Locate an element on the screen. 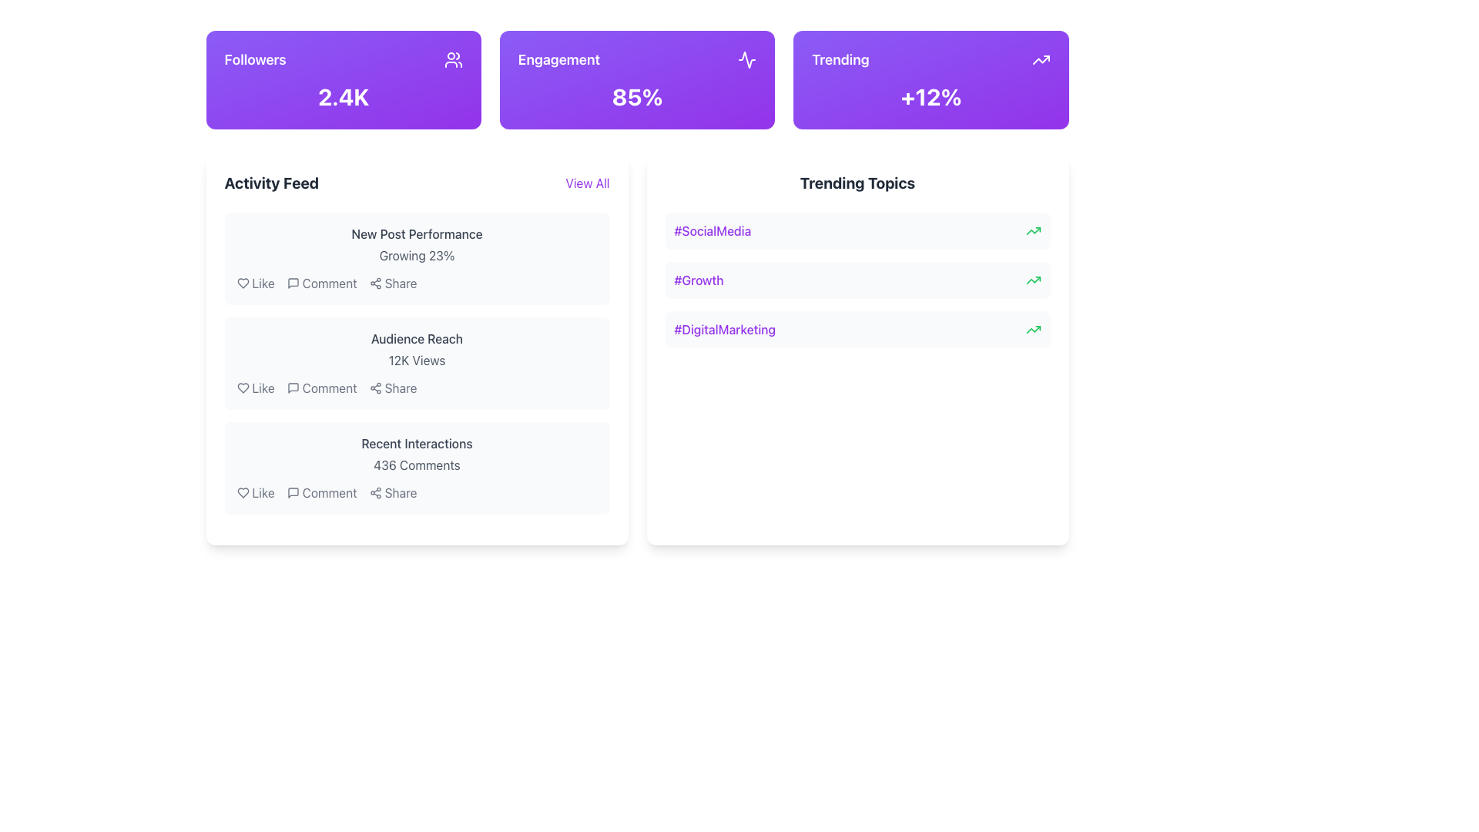  the '12K Views' text label located below the 'Audience Reach' heading is located at coordinates (417, 360).